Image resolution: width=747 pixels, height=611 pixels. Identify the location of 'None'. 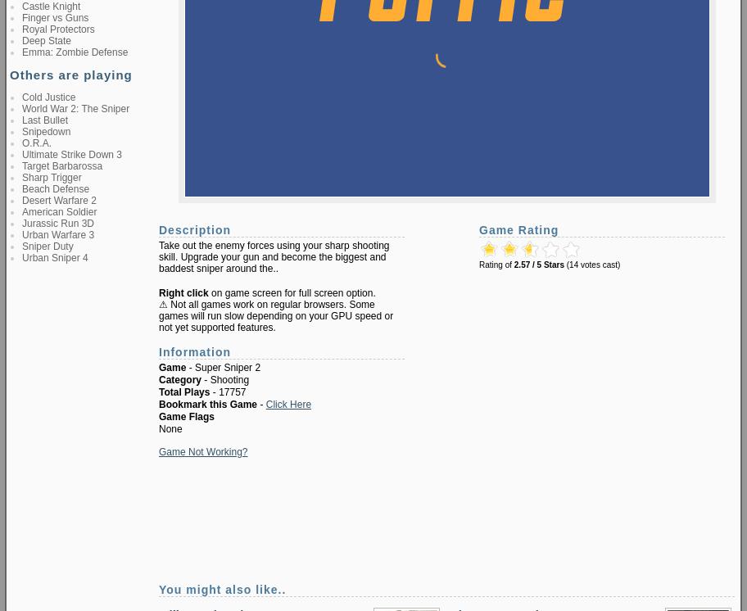
(170, 428).